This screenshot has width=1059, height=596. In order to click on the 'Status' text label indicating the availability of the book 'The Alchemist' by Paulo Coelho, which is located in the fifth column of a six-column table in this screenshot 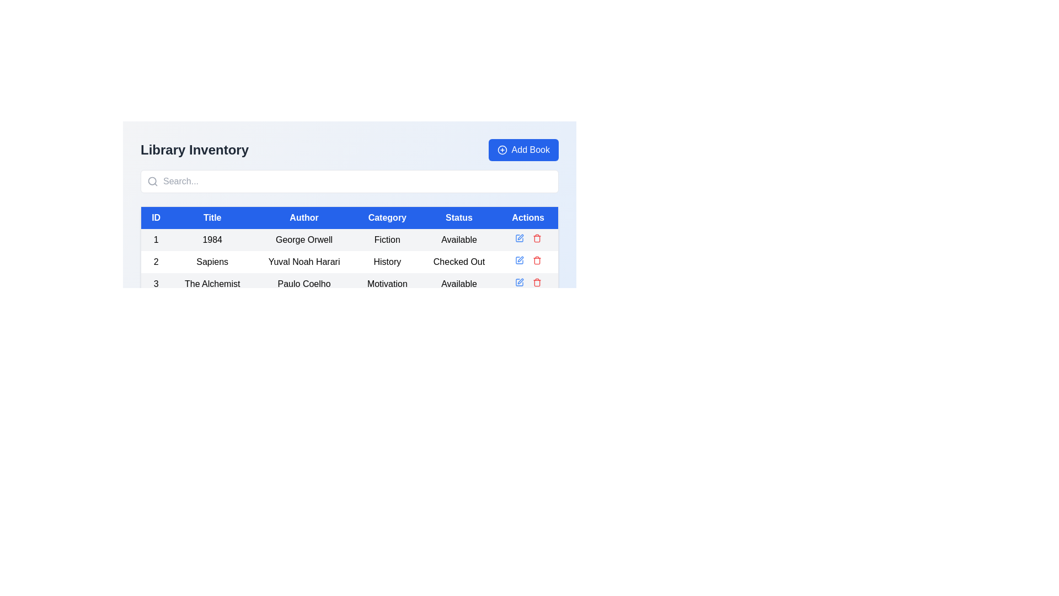, I will do `click(459, 284)`.